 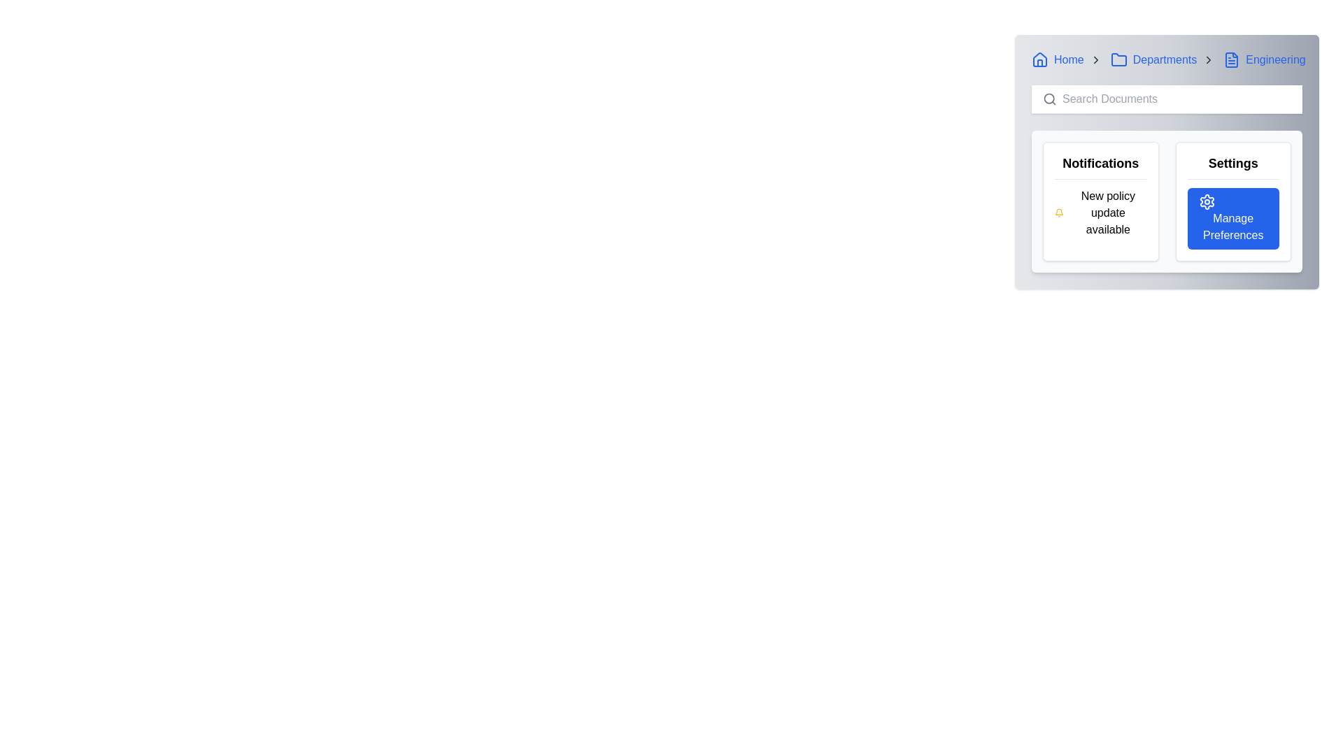 What do you see at coordinates (1232, 59) in the screenshot?
I see `the 'Engineering' section icon located at the end of the breadcrumb navigation bar` at bounding box center [1232, 59].